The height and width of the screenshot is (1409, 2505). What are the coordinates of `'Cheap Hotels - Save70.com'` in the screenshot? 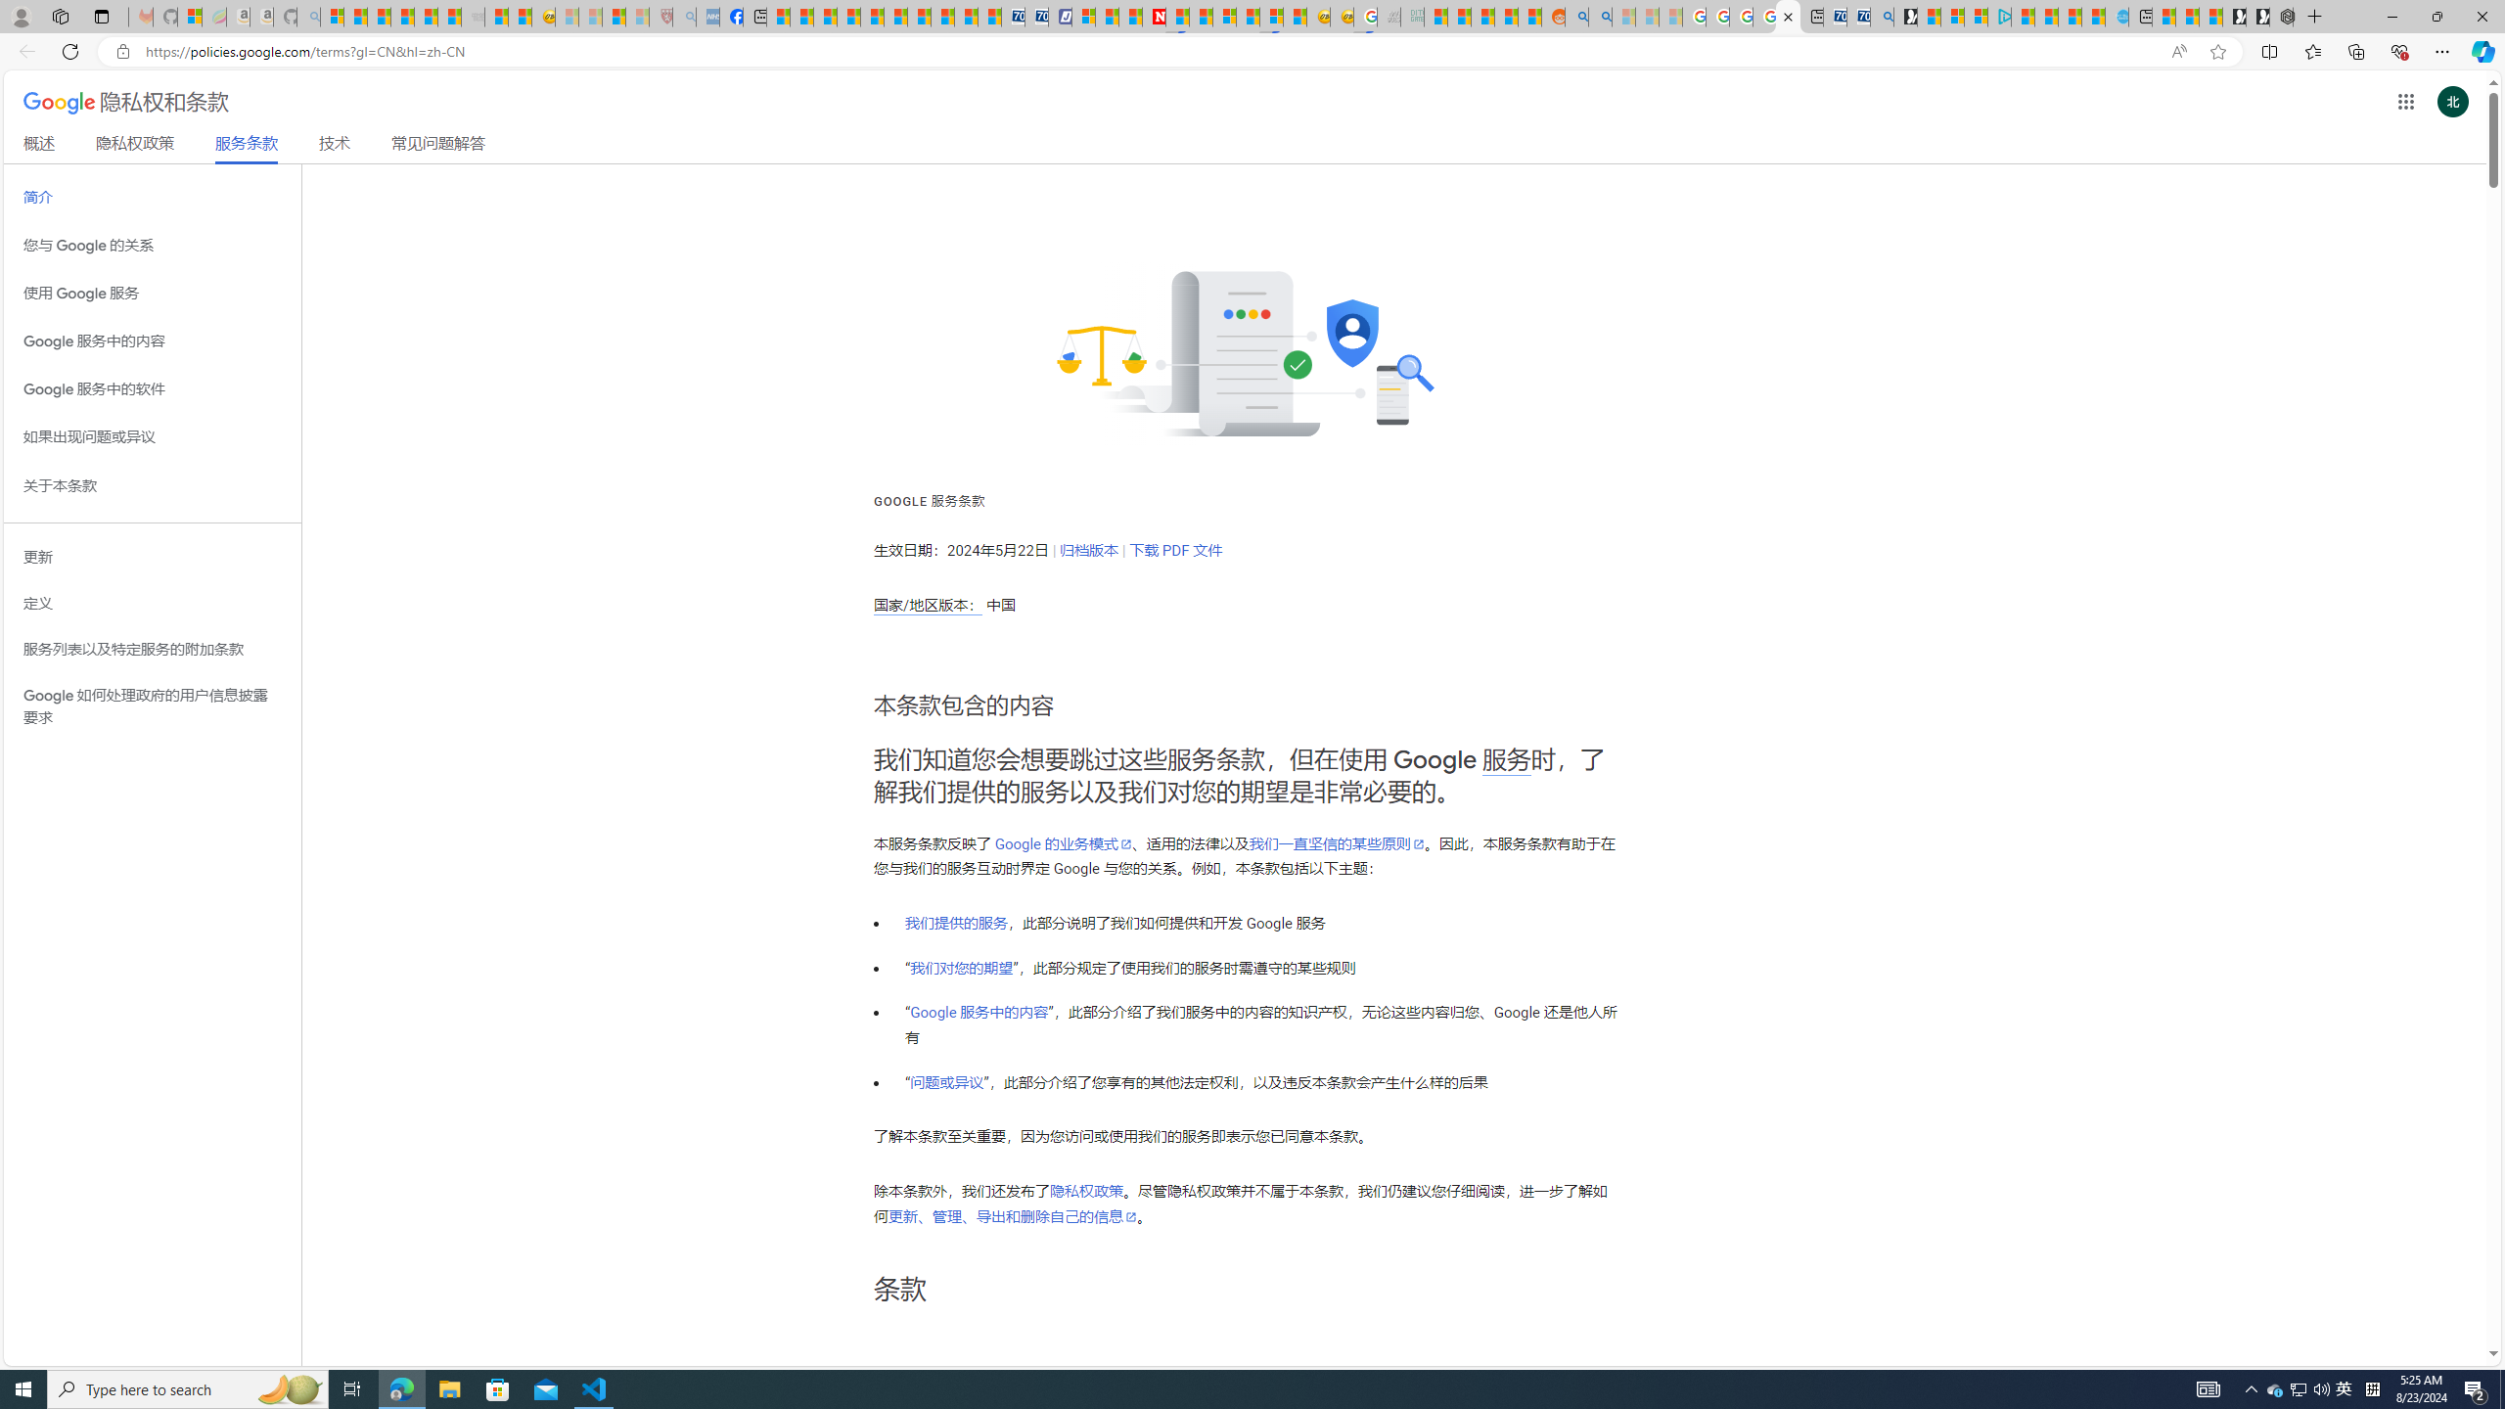 It's located at (1036, 16).